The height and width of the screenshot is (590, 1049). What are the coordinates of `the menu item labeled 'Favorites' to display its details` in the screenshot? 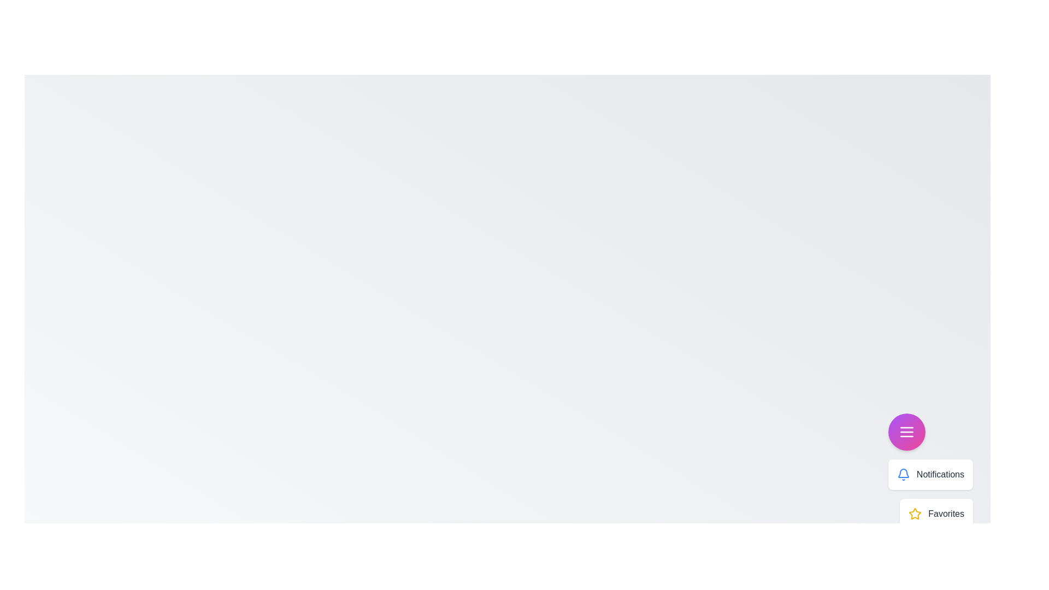 It's located at (936, 514).